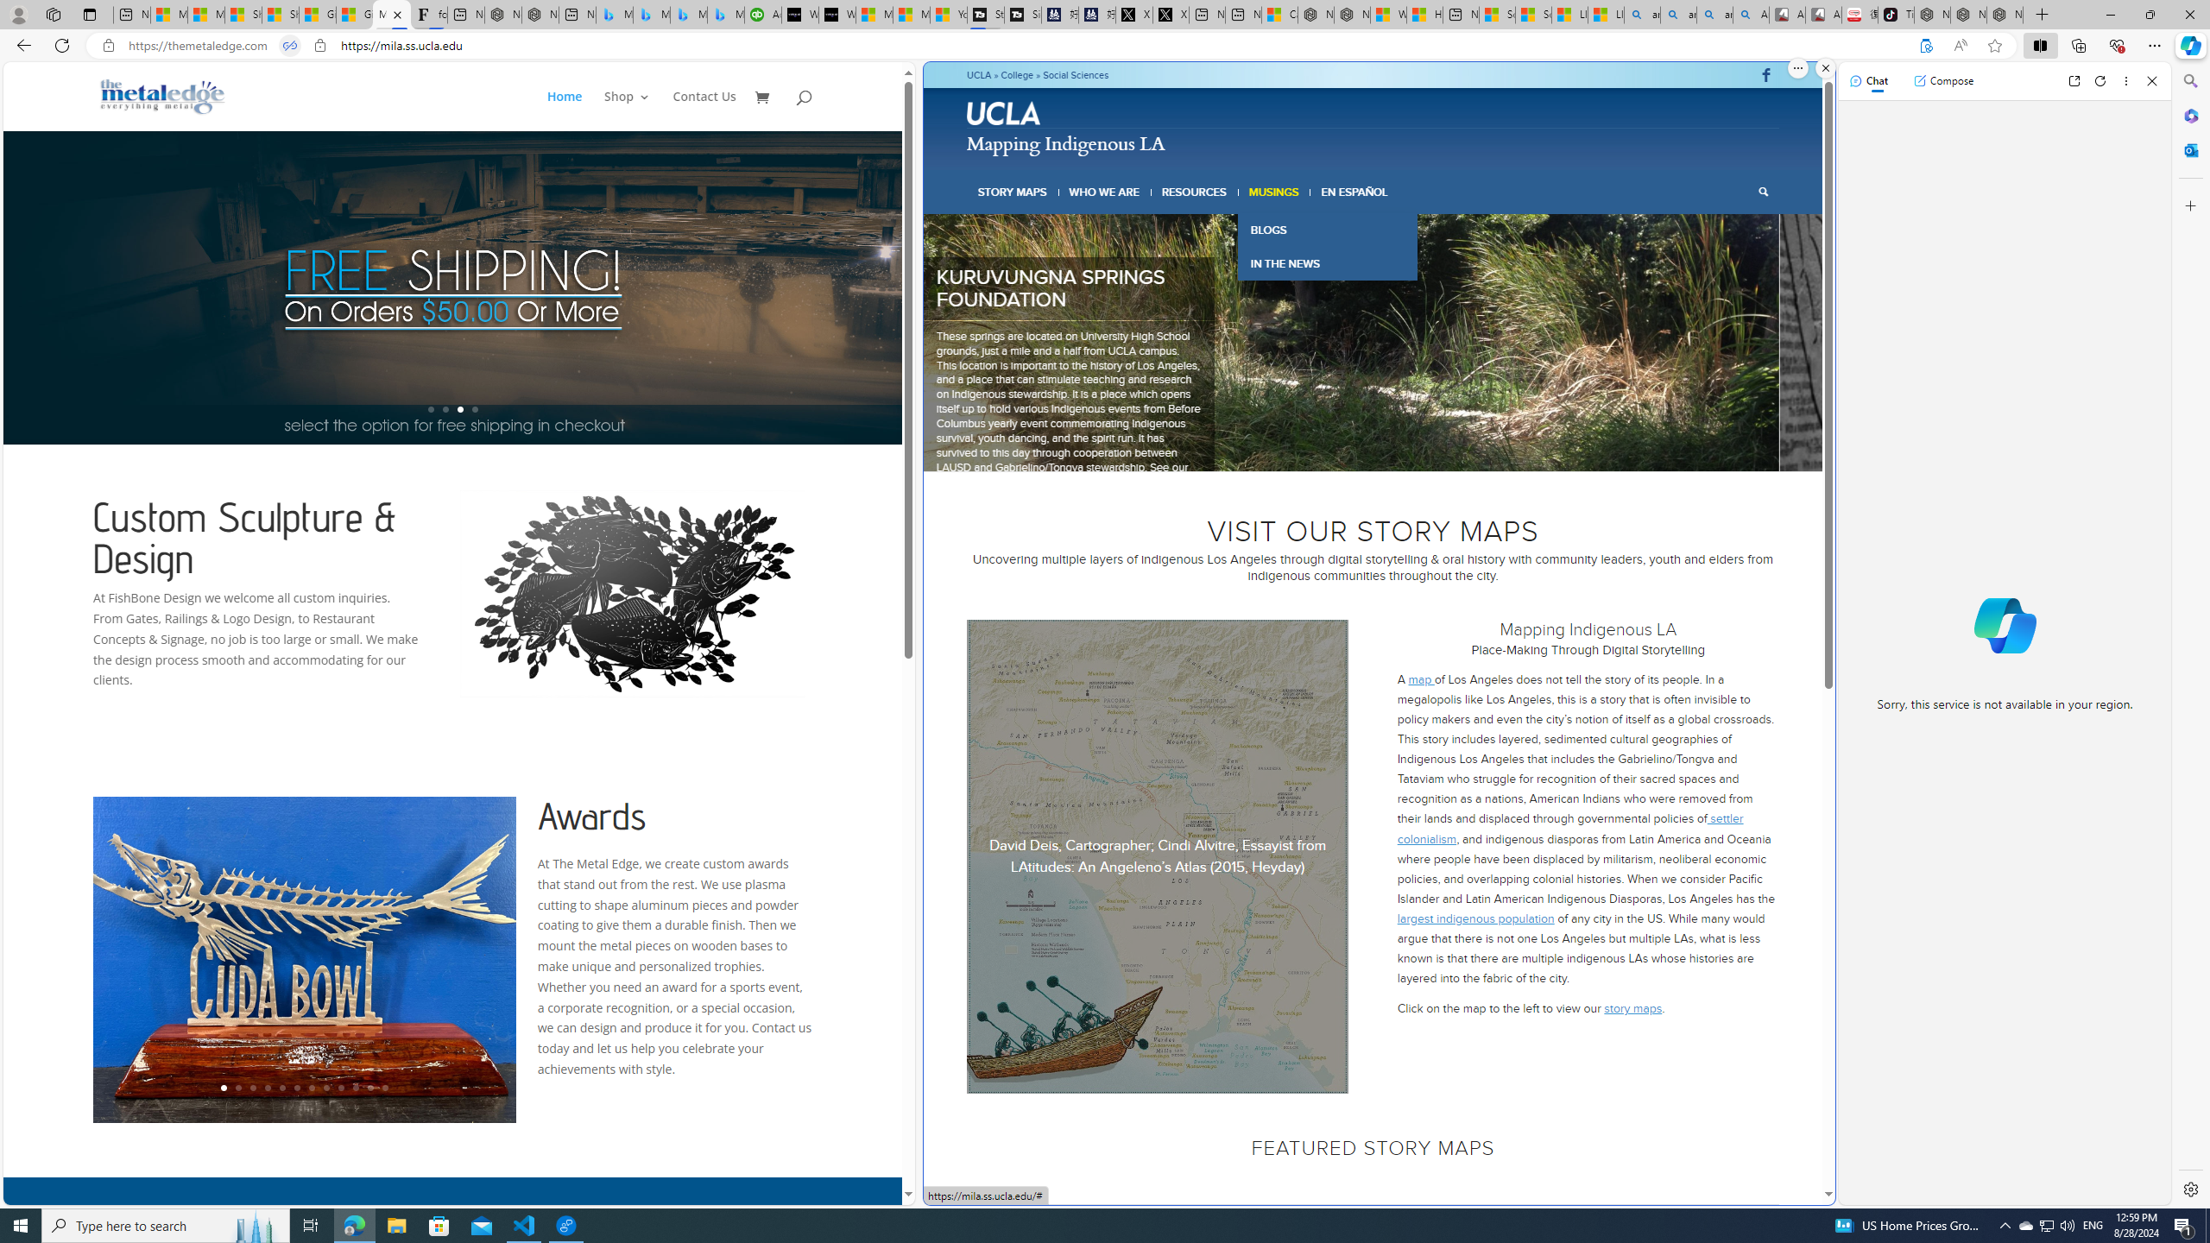 This screenshot has width=2210, height=1243. Describe the element at coordinates (1273, 192) in the screenshot. I see `'MUSINGS BLOGS IN THE NEWS'` at that location.